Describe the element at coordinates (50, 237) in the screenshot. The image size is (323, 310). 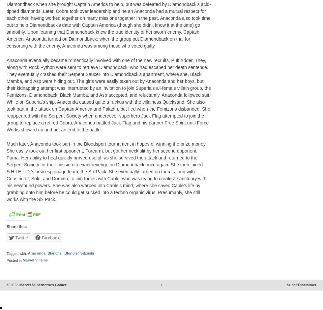
I see `'Facebook'` at that location.